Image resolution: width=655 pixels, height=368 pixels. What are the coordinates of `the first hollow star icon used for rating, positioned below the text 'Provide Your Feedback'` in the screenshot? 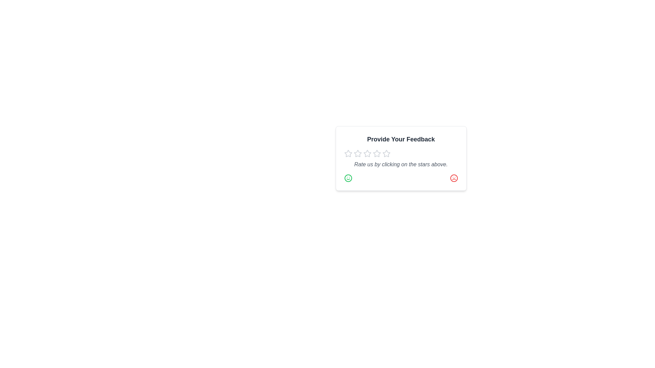 It's located at (348, 153).